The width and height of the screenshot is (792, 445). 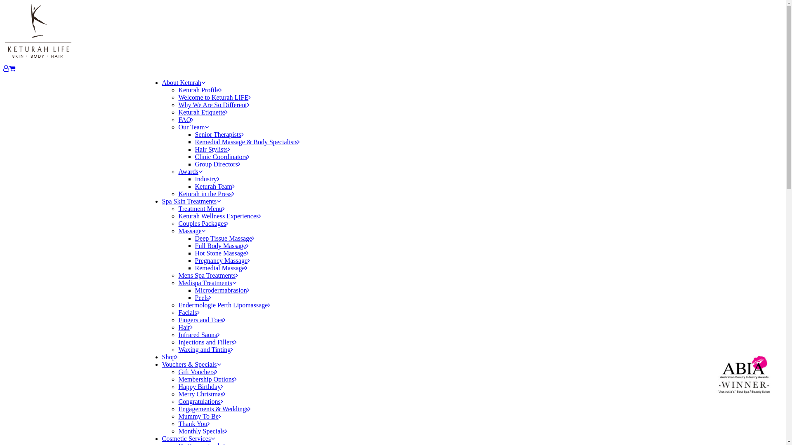 What do you see at coordinates (205, 349) in the screenshot?
I see `'Waxing and Tinting'` at bounding box center [205, 349].